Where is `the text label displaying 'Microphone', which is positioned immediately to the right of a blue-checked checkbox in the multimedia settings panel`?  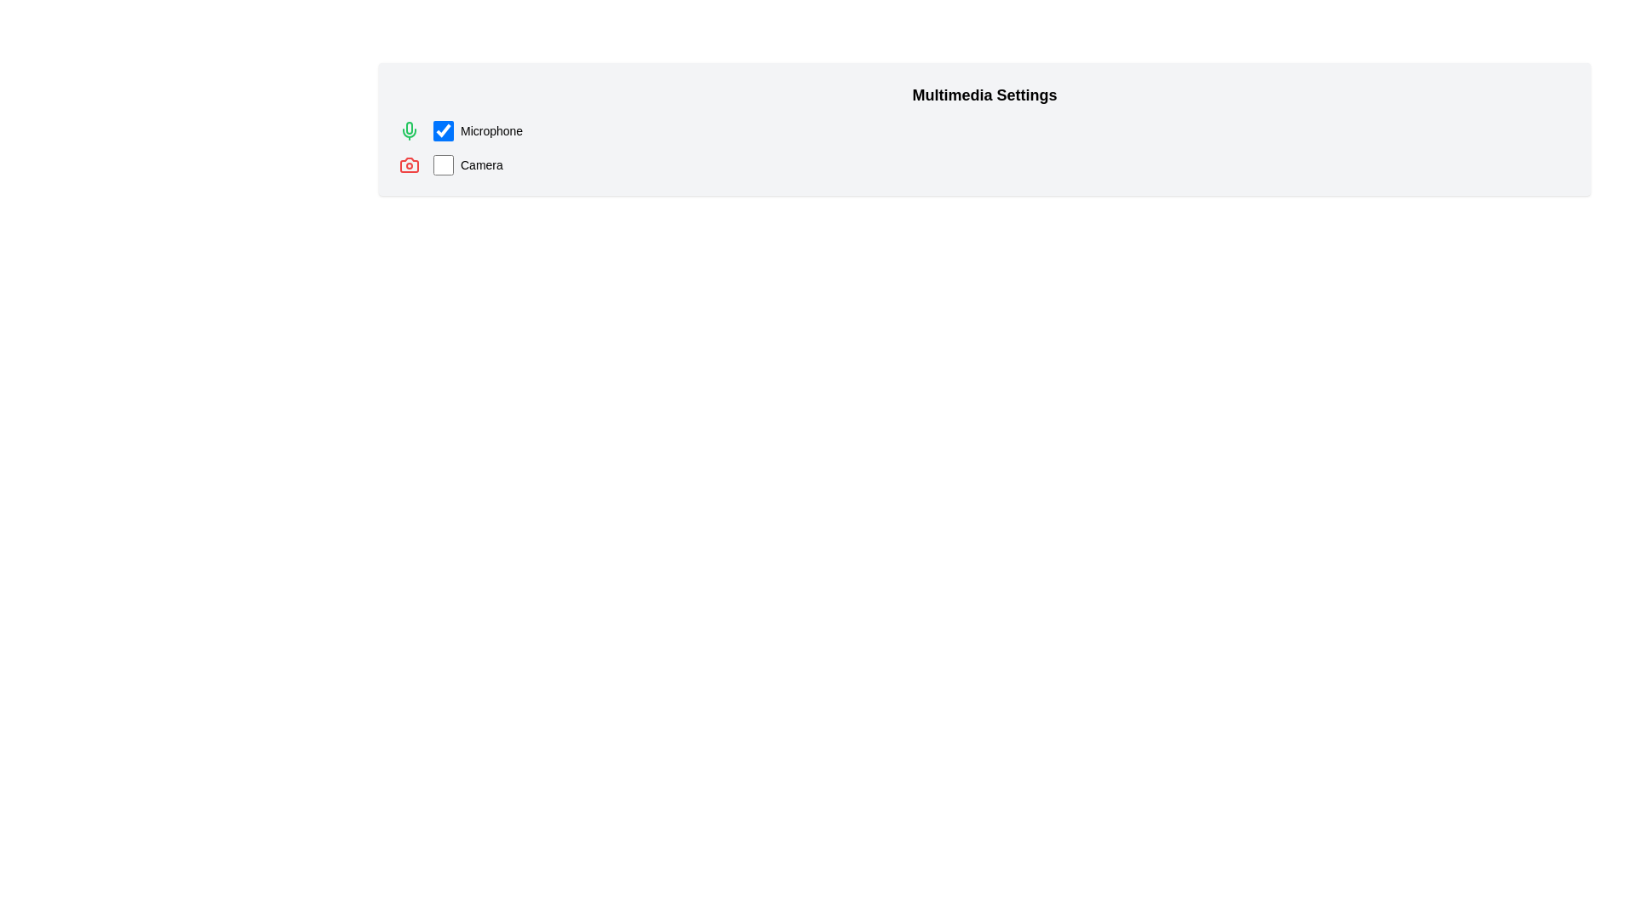 the text label displaying 'Microphone', which is positioned immediately to the right of a blue-checked checkbox in the multimedia settings panel is located at coordinates (490, 130).